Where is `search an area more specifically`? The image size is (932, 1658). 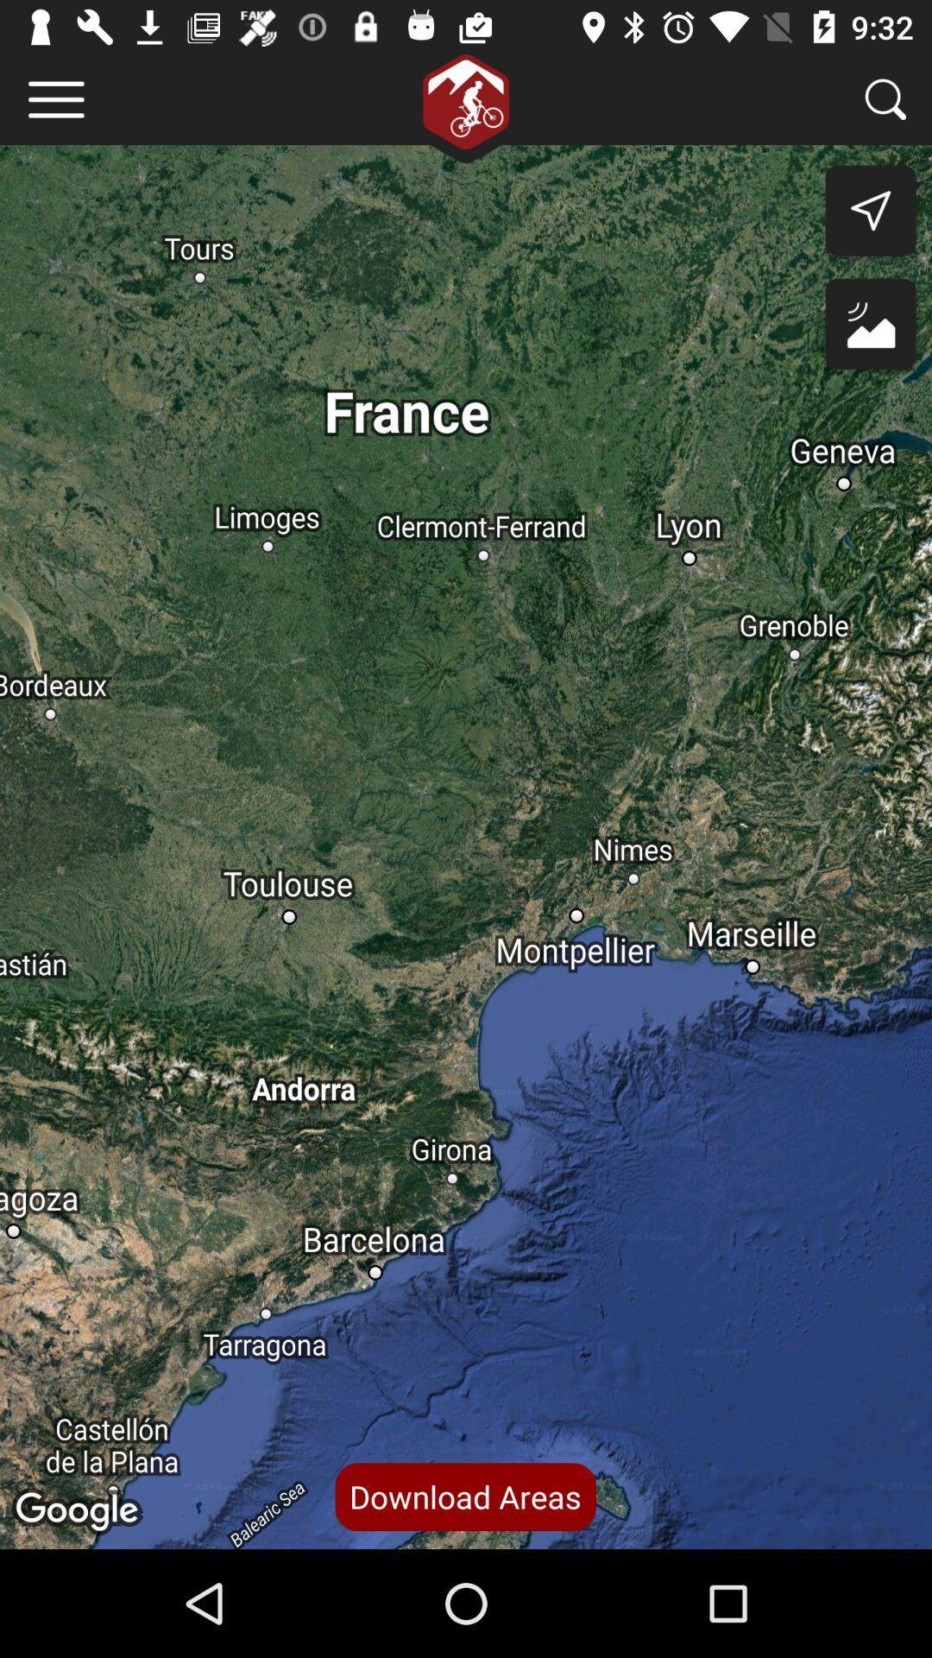 search an area more specifically is located at coordinates (885, 98).